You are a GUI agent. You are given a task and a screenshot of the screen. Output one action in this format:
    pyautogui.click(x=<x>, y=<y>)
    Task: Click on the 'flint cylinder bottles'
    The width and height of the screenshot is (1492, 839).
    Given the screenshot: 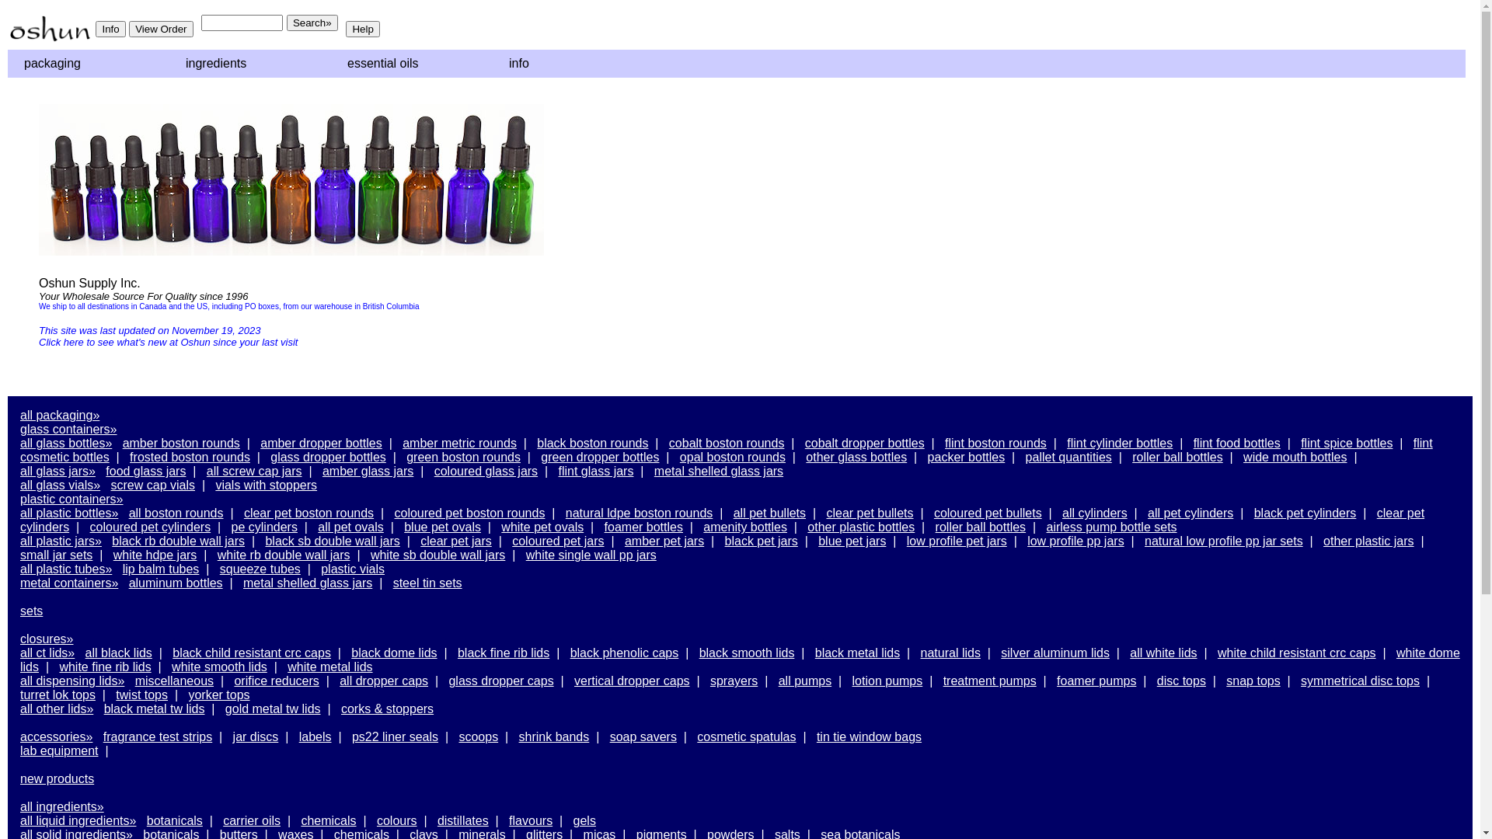 What is the action you would take?
    pyautogui.click(x=1119, y=443)
    